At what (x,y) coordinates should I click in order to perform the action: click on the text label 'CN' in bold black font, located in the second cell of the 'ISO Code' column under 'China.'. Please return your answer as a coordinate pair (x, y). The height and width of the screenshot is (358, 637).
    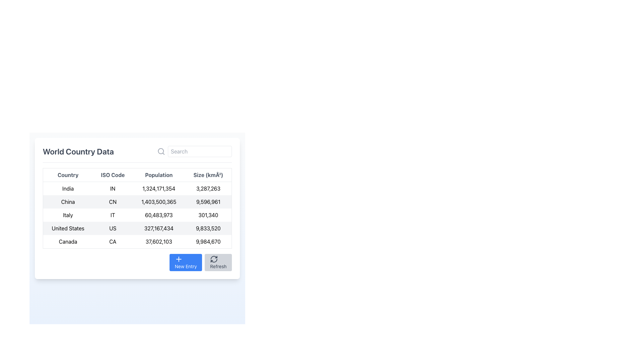
    Looking at the image, I should click on (113, 202).